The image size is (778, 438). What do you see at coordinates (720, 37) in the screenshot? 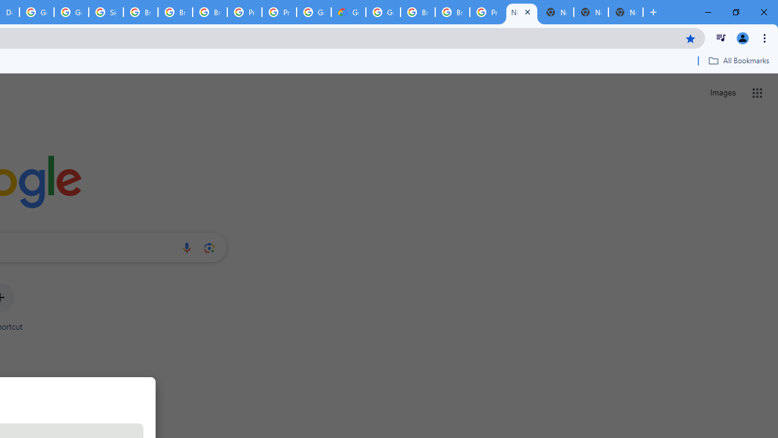
I see `'Control your music, videos, and more'` at bounding box center [720, 37].